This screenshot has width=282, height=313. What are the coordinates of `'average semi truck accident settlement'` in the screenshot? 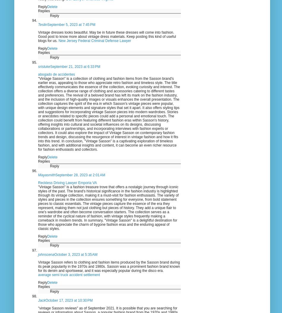 It's located at (68, 275).